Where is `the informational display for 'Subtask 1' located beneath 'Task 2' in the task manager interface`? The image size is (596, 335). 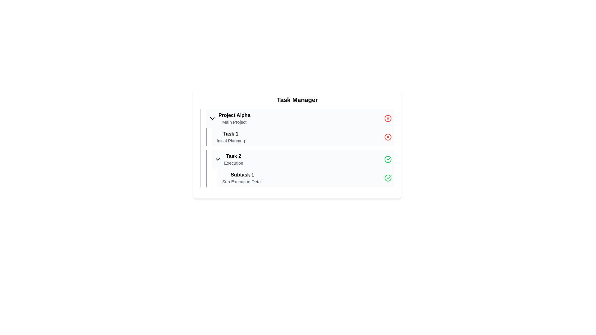 the informational display for 'Subtask 1' located beneath 'Task 2' in the task manager interface is located at coordinates (242, 178).